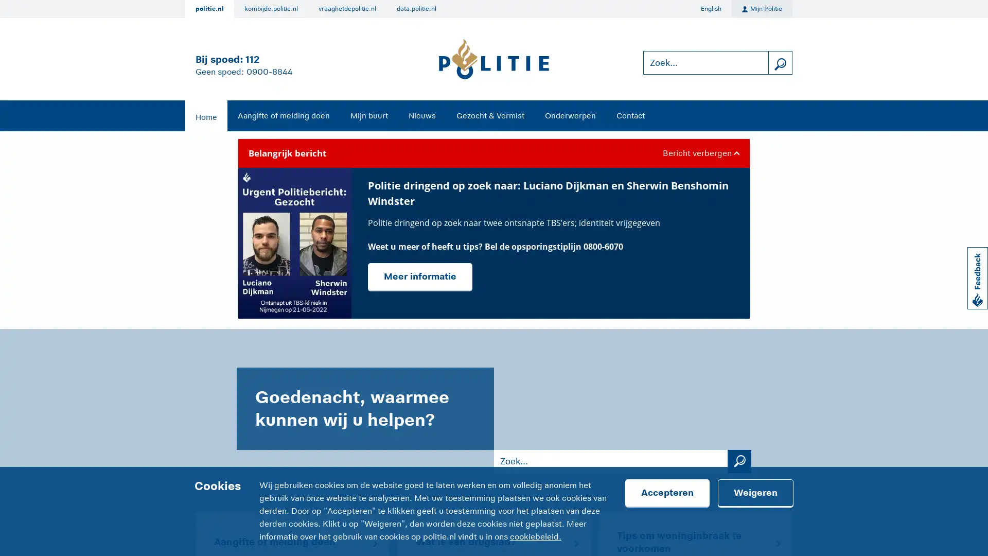 The image size is (988, 556). What do you see at coordinates (700, 153) in the screenshot?
I see `Bericht verbergen` at bounding box center [700, 153].